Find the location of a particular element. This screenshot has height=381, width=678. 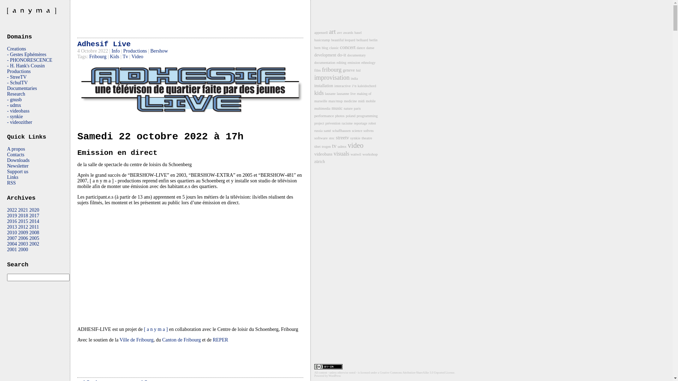

'A propos' is located at coordinates (16, 149).